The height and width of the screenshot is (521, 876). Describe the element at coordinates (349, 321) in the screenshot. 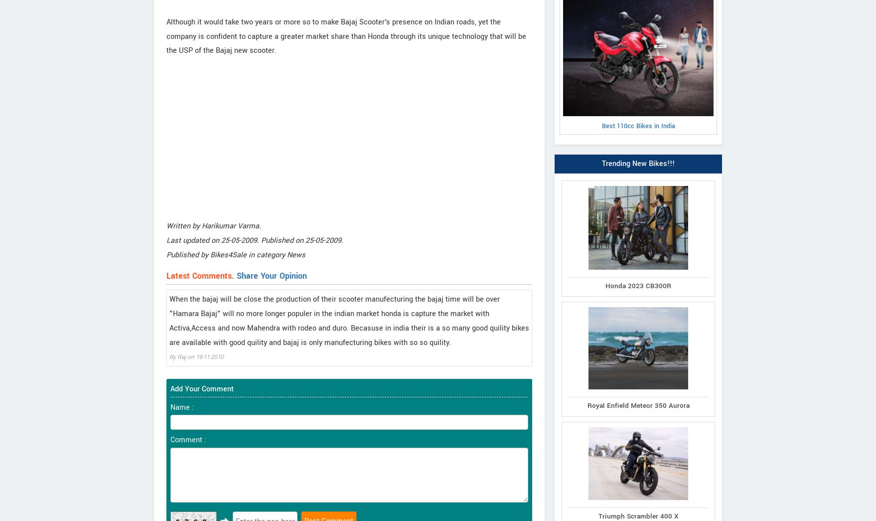

I see `'When the bajaj will be close the production of their scooter manufecturing the bajaj time will be over "Hamara Bajaj" will no more longer populer in the indian market honda is capture the market with Activa,Access and now Mahendra with rodeo and duro. Becasuse in india their is a so many good quility bikes are available with good quility and bajaj is  only manufecturing bikes with so so quility.'` at that location.